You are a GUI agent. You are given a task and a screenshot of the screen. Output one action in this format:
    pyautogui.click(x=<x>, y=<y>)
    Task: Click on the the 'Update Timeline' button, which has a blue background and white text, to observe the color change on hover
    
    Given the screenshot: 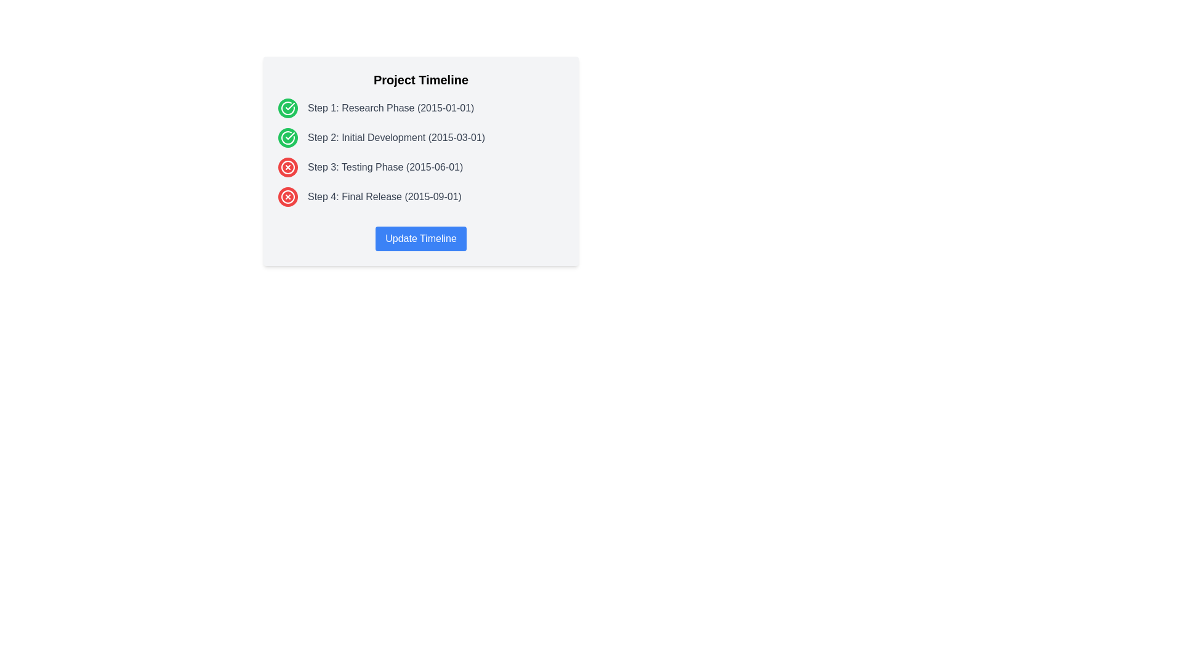 What is the action you would take?
    pyautogui.click(x=421, y=239)
    